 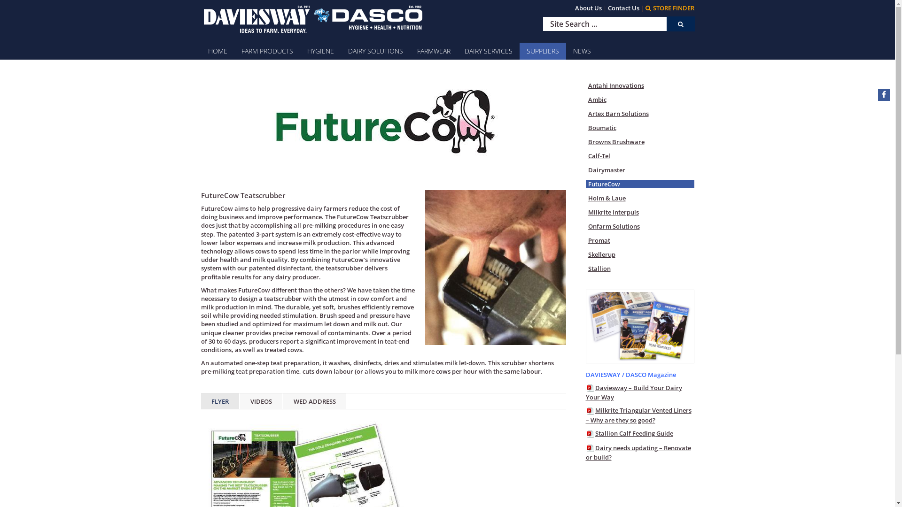 I want to click on 'Boumatic', so click(x=639, y=128).